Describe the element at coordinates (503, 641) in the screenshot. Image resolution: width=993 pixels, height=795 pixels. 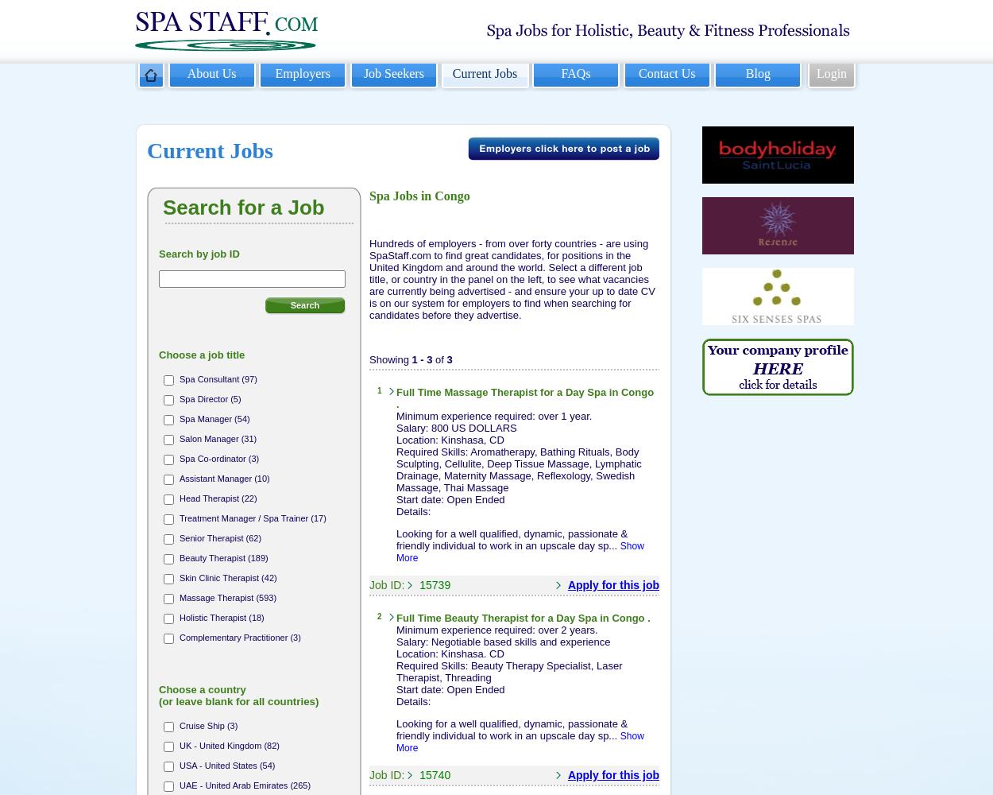
I see `'Salary: Negotiable based skills and experience'` at that location.